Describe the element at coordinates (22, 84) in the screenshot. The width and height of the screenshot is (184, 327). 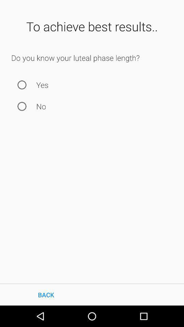
I see `the item below the do you know` at that location.